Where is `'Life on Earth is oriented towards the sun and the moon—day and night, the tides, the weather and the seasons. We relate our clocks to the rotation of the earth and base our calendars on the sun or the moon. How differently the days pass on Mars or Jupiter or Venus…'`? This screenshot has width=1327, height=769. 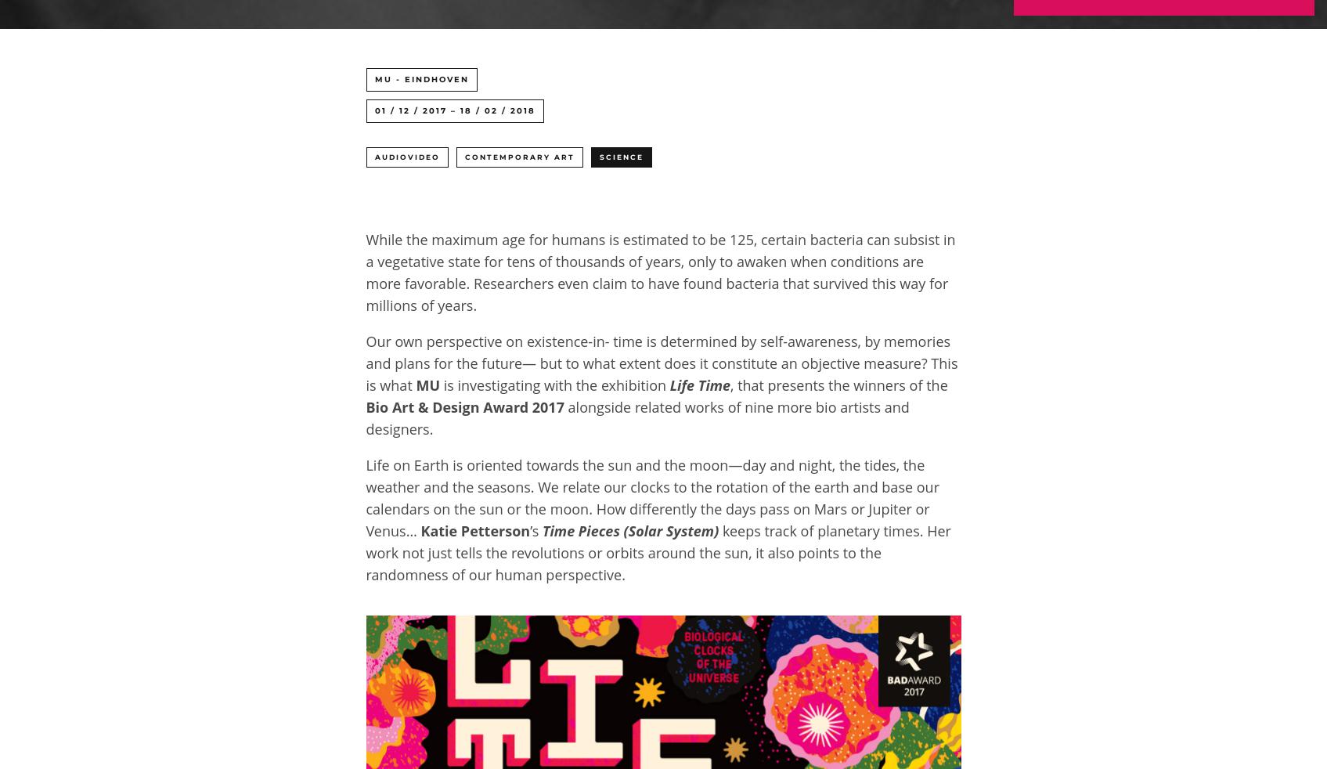
'Life on Earth is oriented towards the sun and the moon—day and night, the tides, the weather and the seasons. We relate our clocks to the rotation of the earth and base our calendars on the sun or the moon. How differently the days pass on Mars or Jupiter or Venus…' is located at coordinates (652, 498).